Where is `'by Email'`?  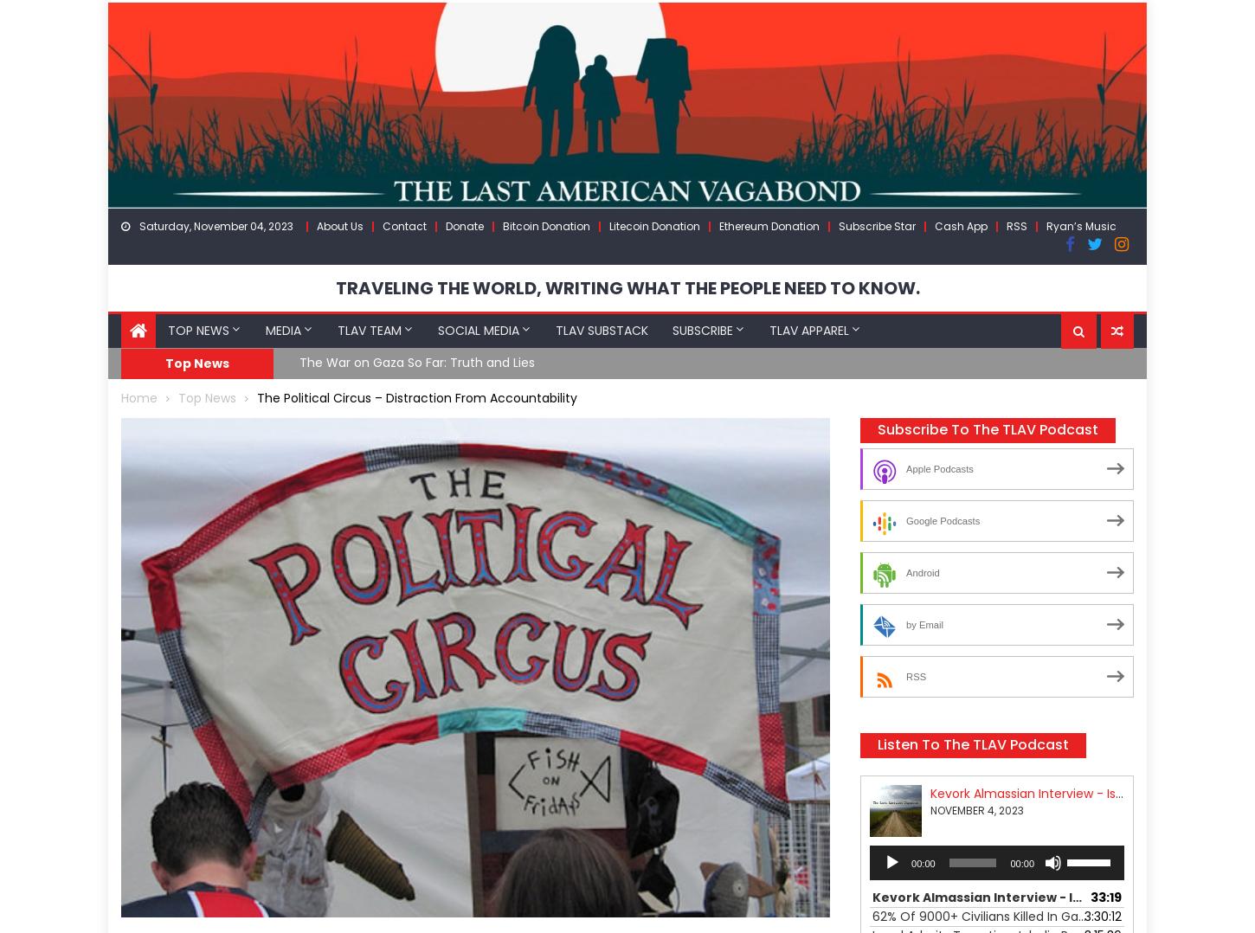
'by Email' is located at coordinates (924, 622).